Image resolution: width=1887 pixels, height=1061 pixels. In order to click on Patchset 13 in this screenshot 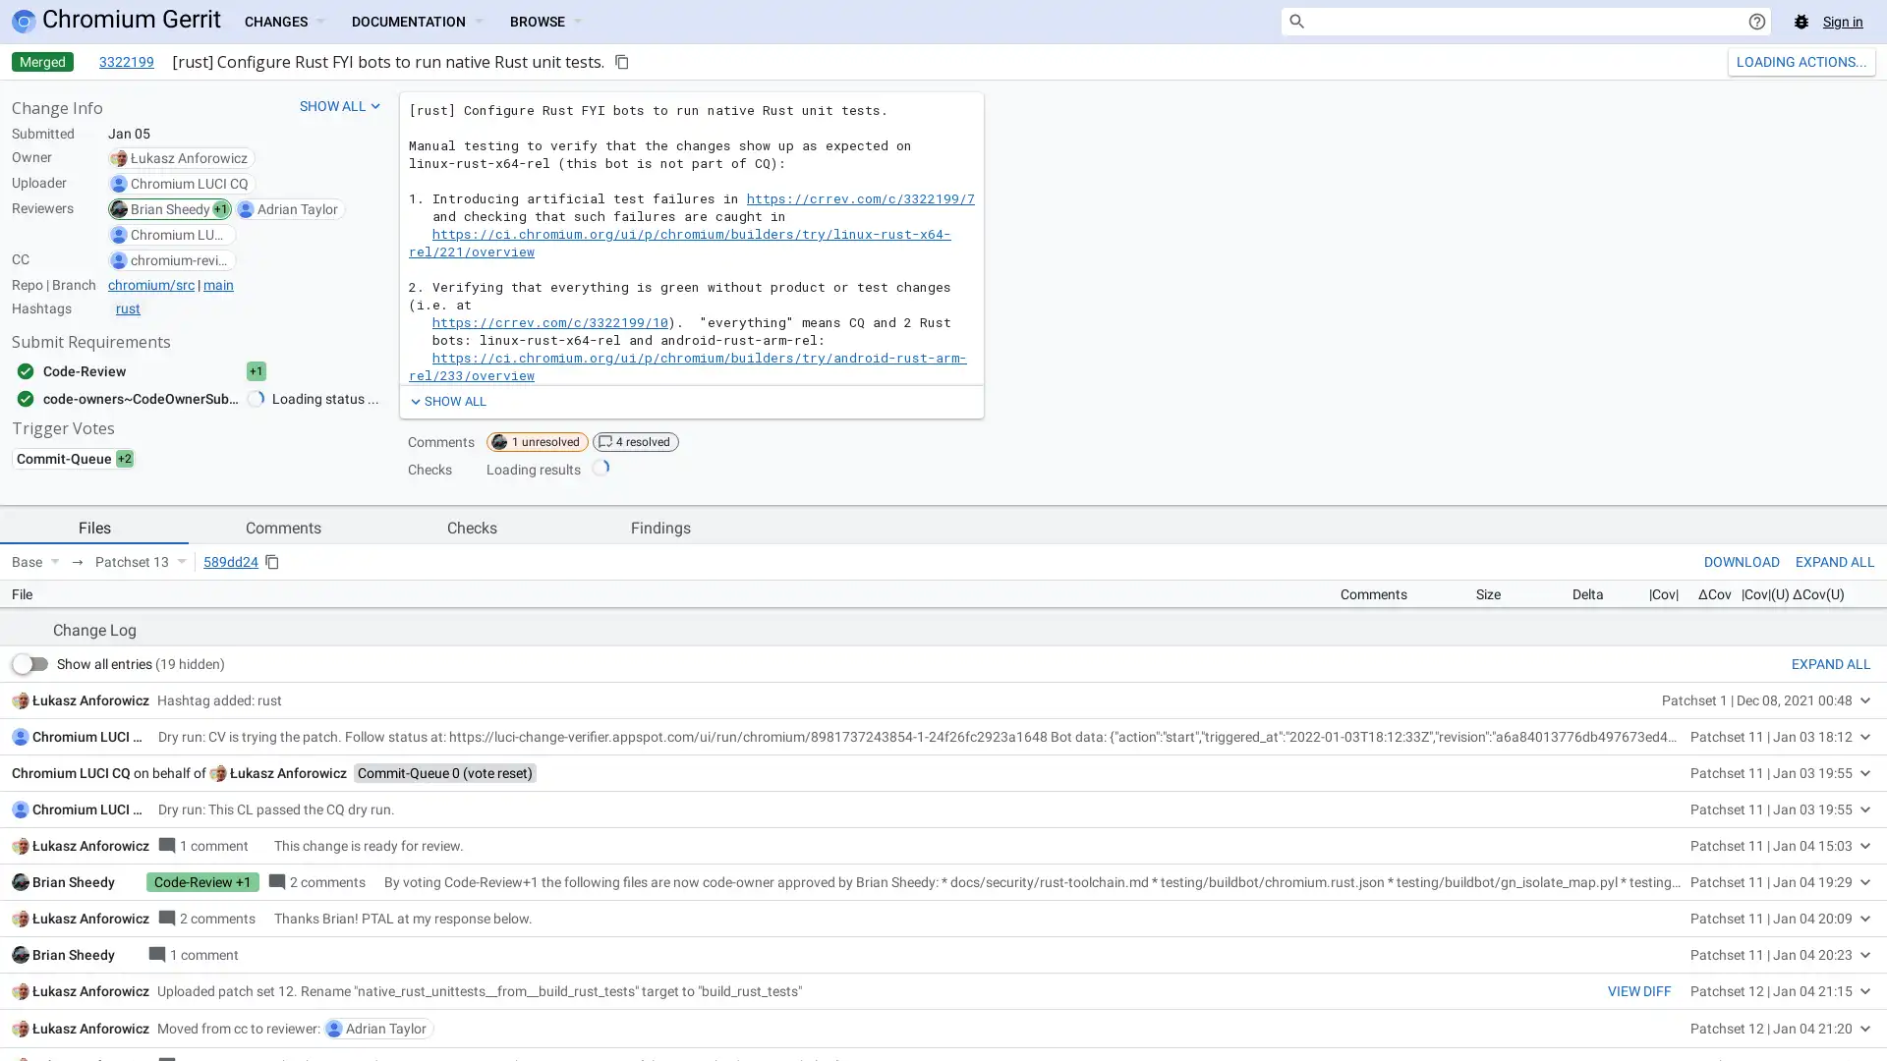, I will do `click(140, 561)`.